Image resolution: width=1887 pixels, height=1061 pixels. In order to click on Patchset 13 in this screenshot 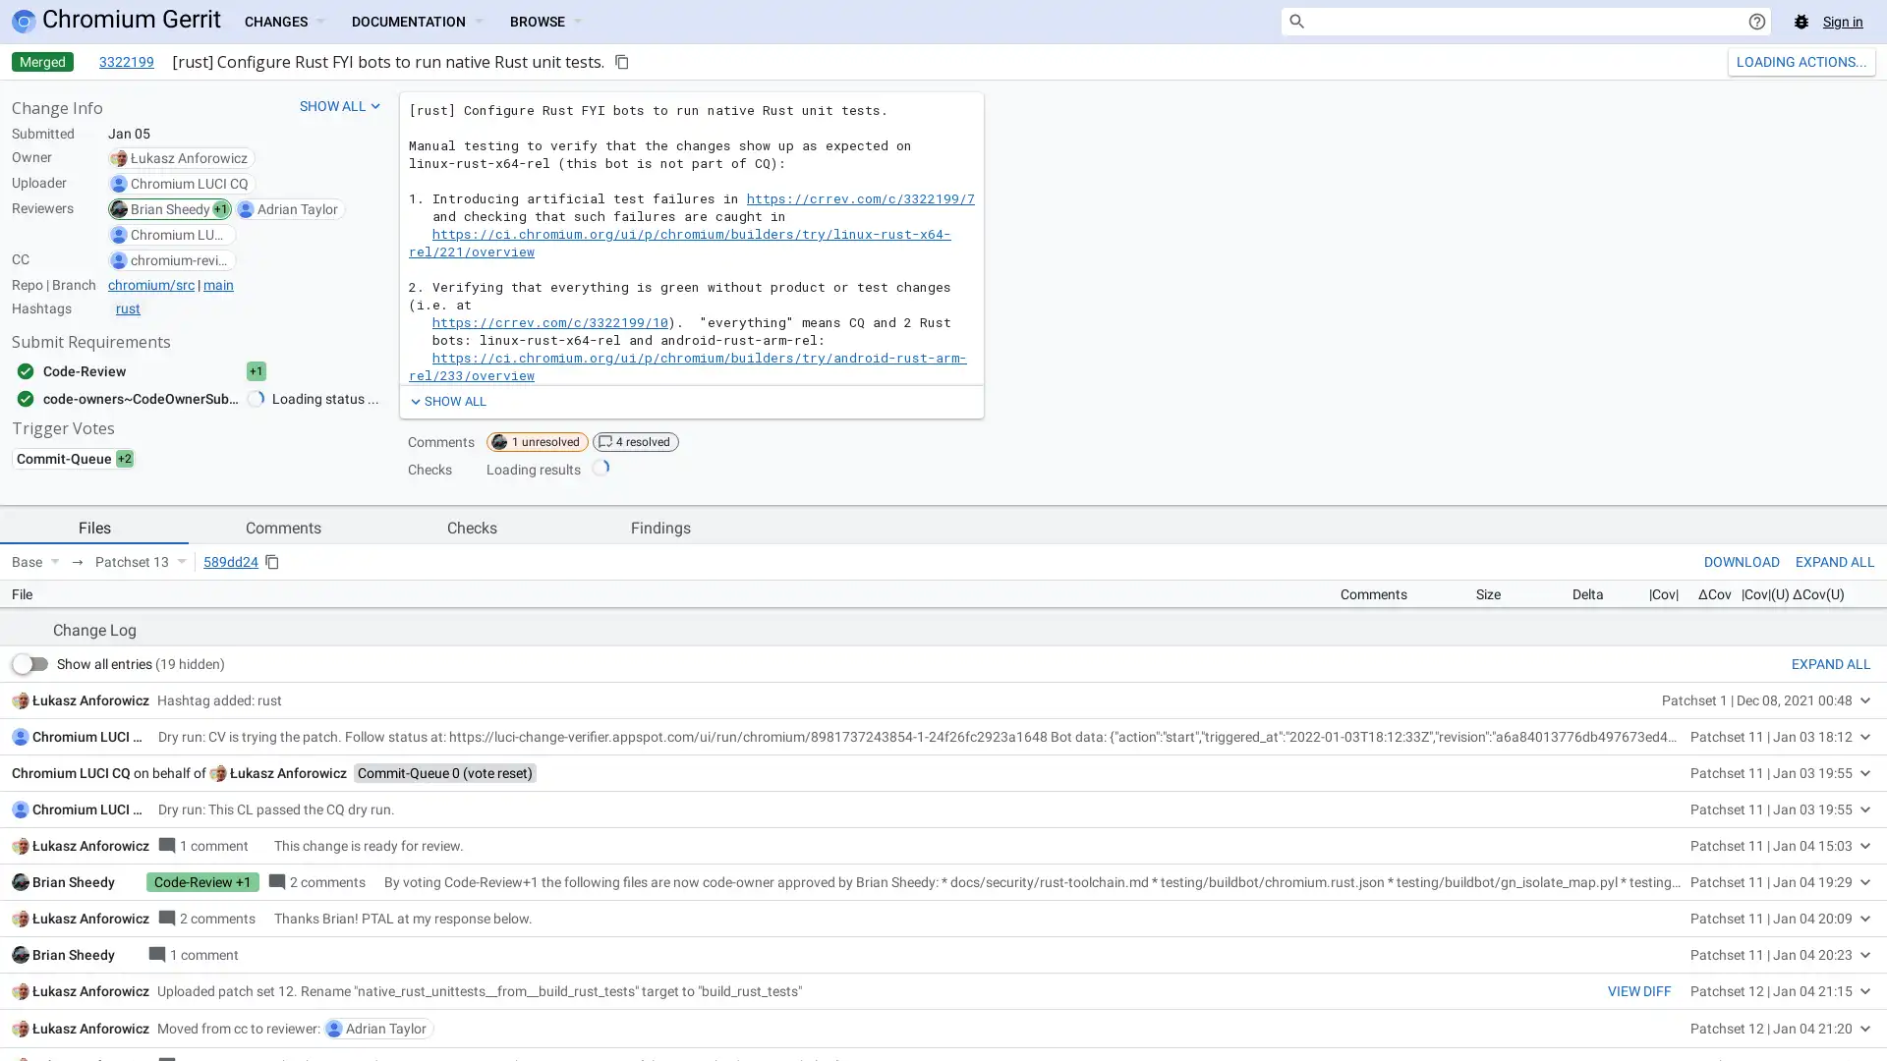, I will do `click(140, 561)`.